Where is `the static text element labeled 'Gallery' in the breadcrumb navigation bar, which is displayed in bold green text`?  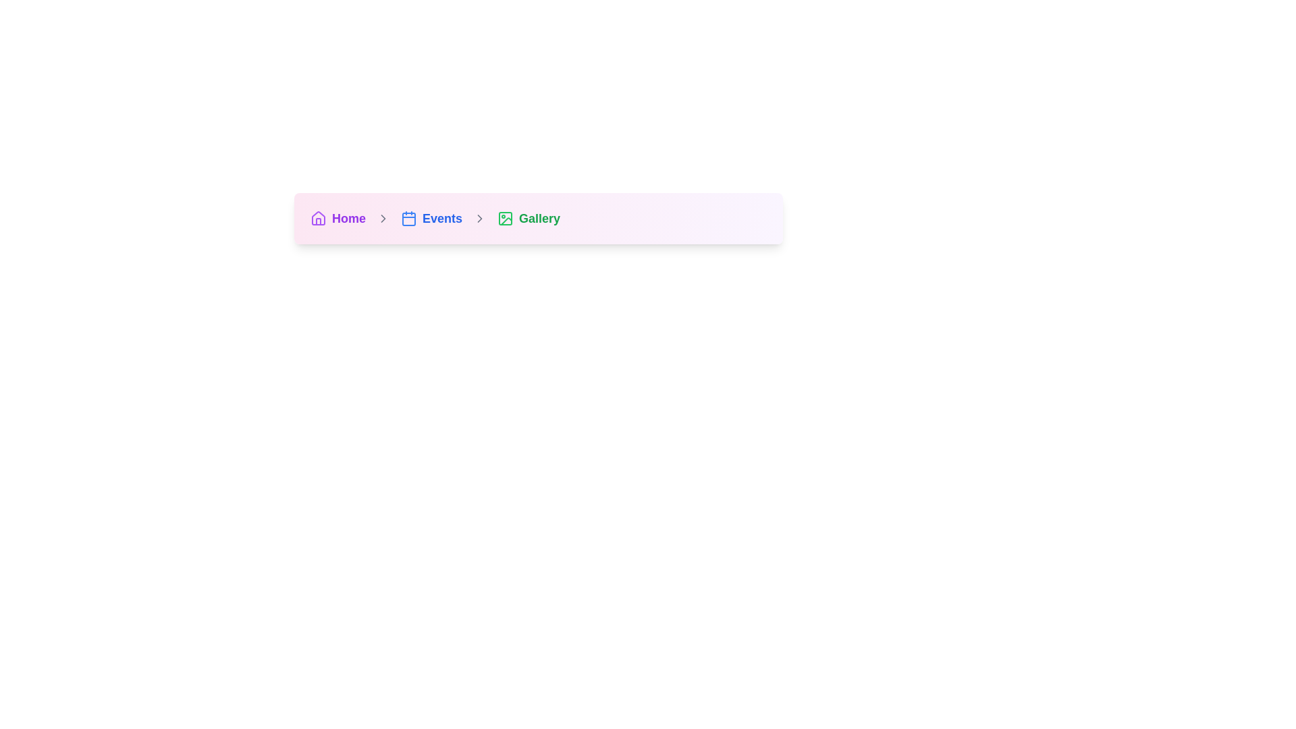 the static text element labeled 'Gallery' in the breadcrumb navigation bar, which is displayed in bold green text is located at coordinates (539, 218).